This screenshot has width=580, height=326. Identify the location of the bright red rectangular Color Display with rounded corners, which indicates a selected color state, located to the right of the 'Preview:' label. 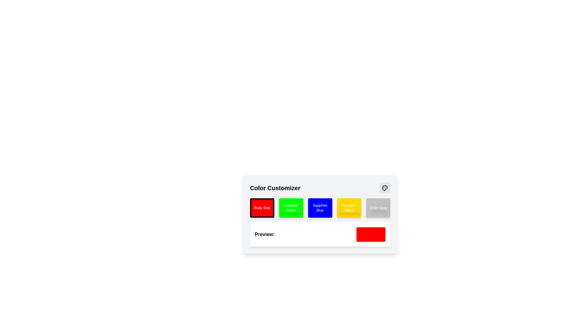
(370, 234).